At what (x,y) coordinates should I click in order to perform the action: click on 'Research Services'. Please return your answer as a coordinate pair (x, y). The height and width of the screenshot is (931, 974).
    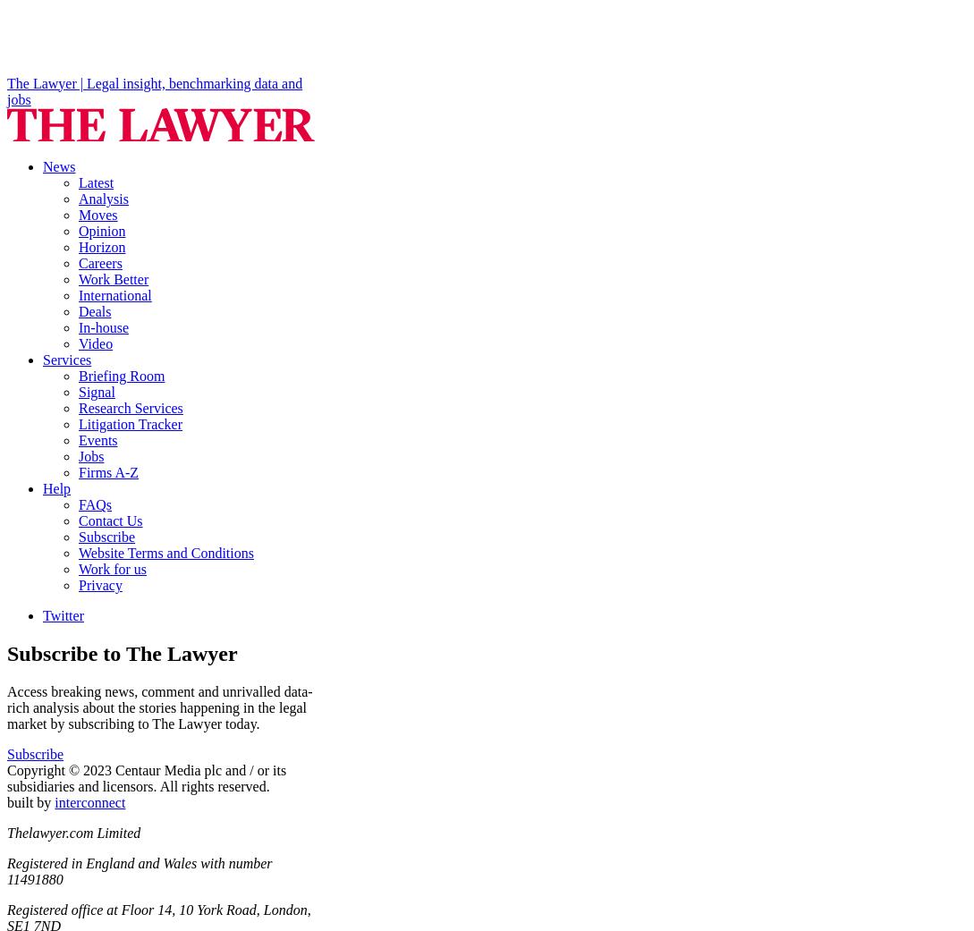
    Looking at the image, I should click on (131, 407).